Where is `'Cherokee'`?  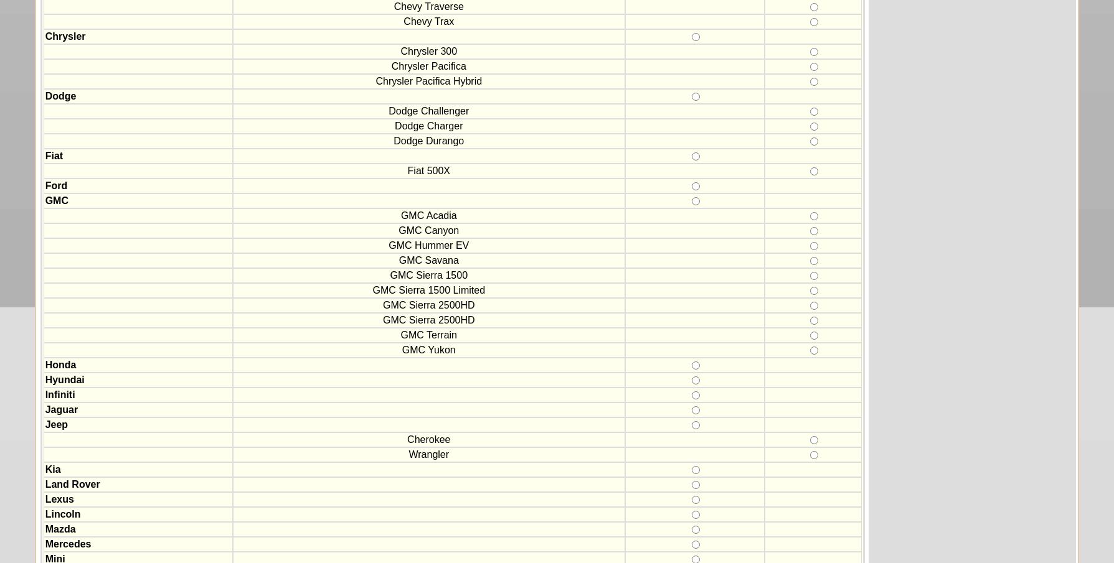 'Cherokee' is located at coordinates (428, 439).